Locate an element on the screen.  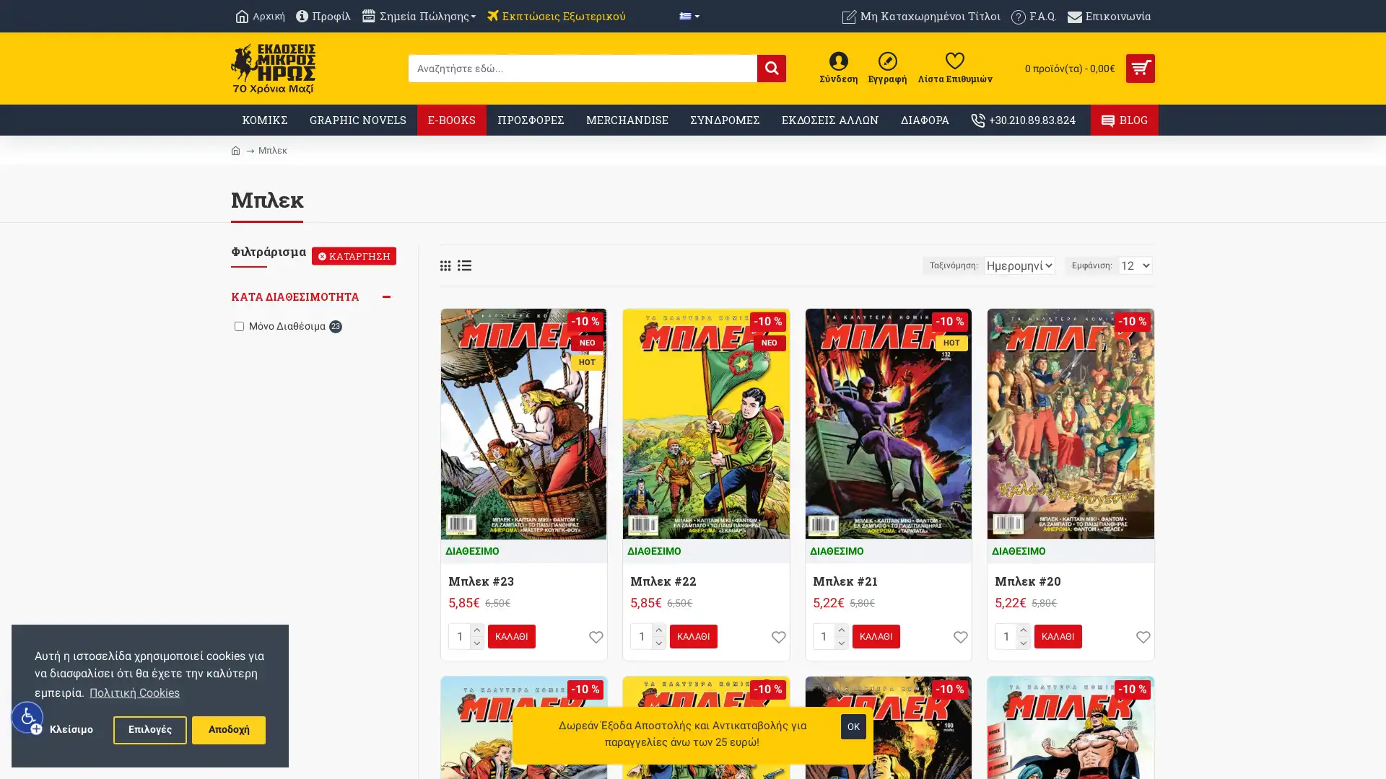
settings cookies is located at coordinates (149, 729).